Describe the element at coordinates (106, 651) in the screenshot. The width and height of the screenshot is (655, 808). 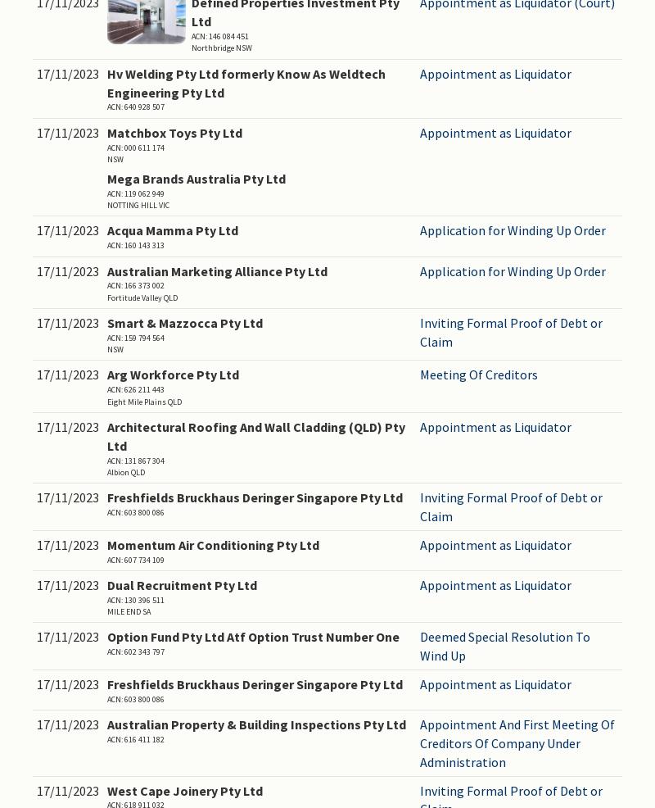
I see `'ACN: 602 343 797'` at that location.